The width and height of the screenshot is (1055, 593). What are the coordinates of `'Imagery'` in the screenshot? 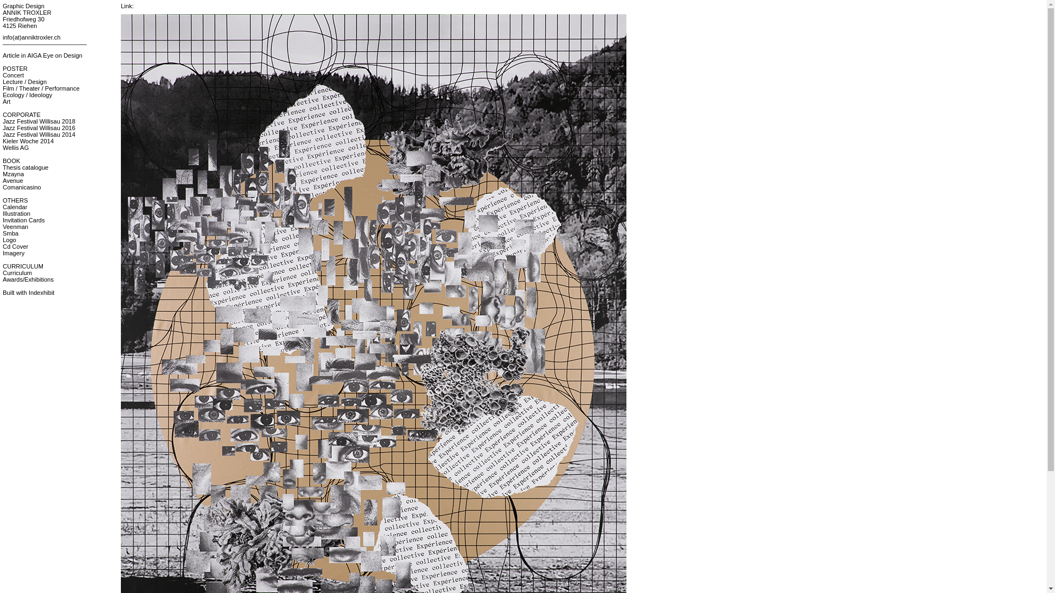 It's located at (13, 253).